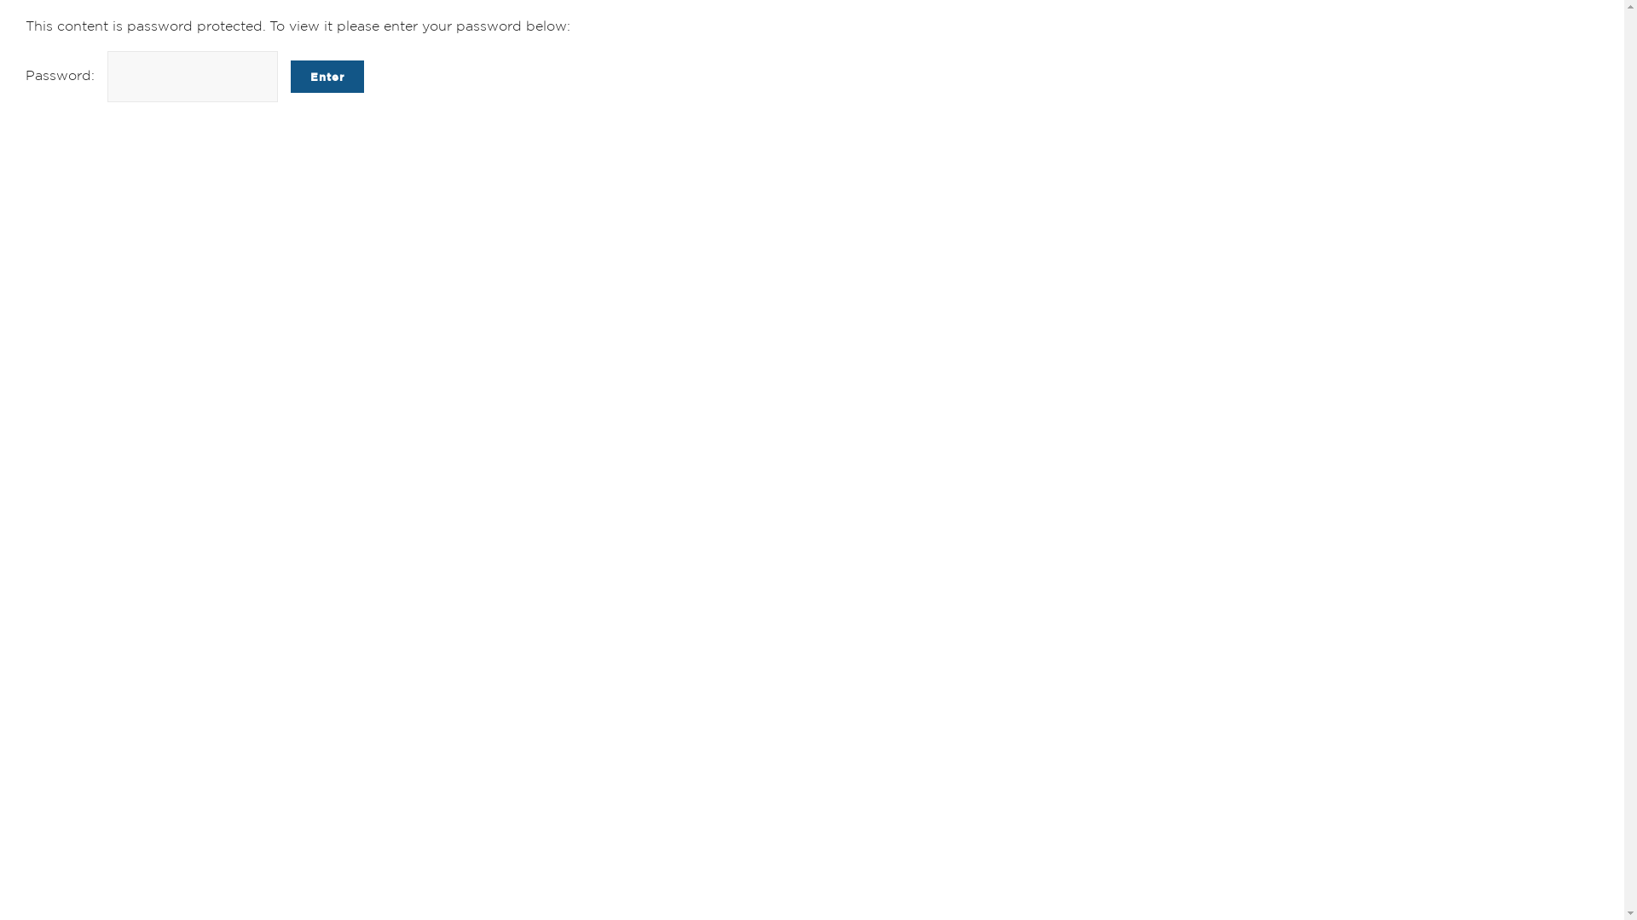 Image resolution: width=1637 pixels, height=920 pixels. Describe the element at coordinates (327, 75) in the screenshot. I see `'Enter'` at that location.